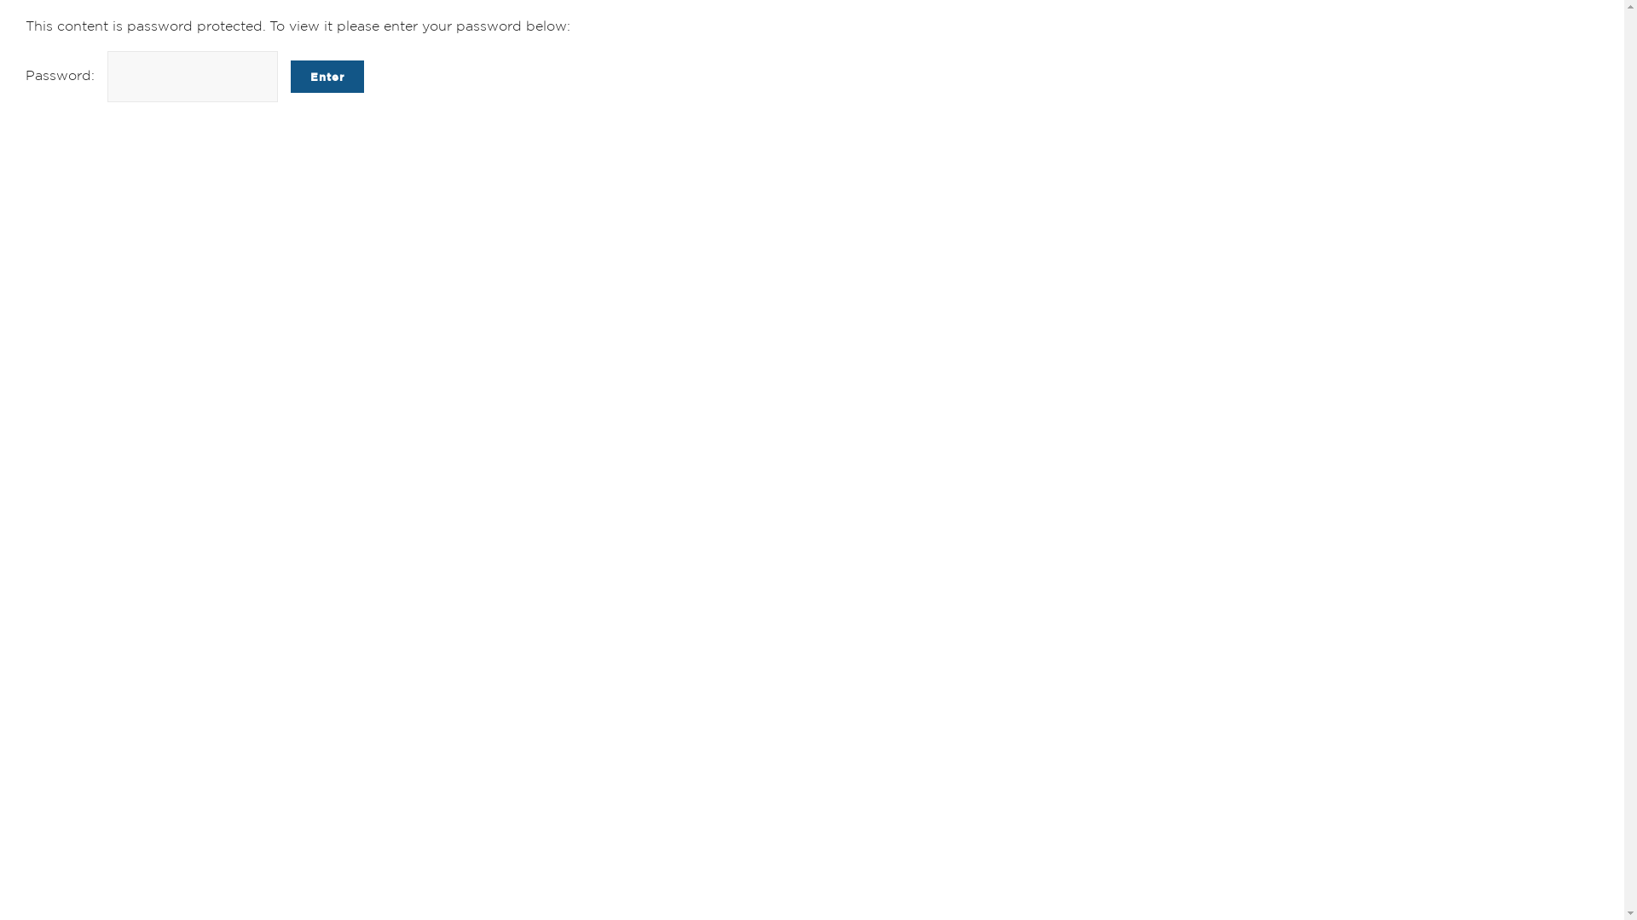 Image resolution: width=1637 pixels, height=920 pixels. Describe the element at coordinates (327, 75) in the screenshot. I see `'Enter'` at that location.